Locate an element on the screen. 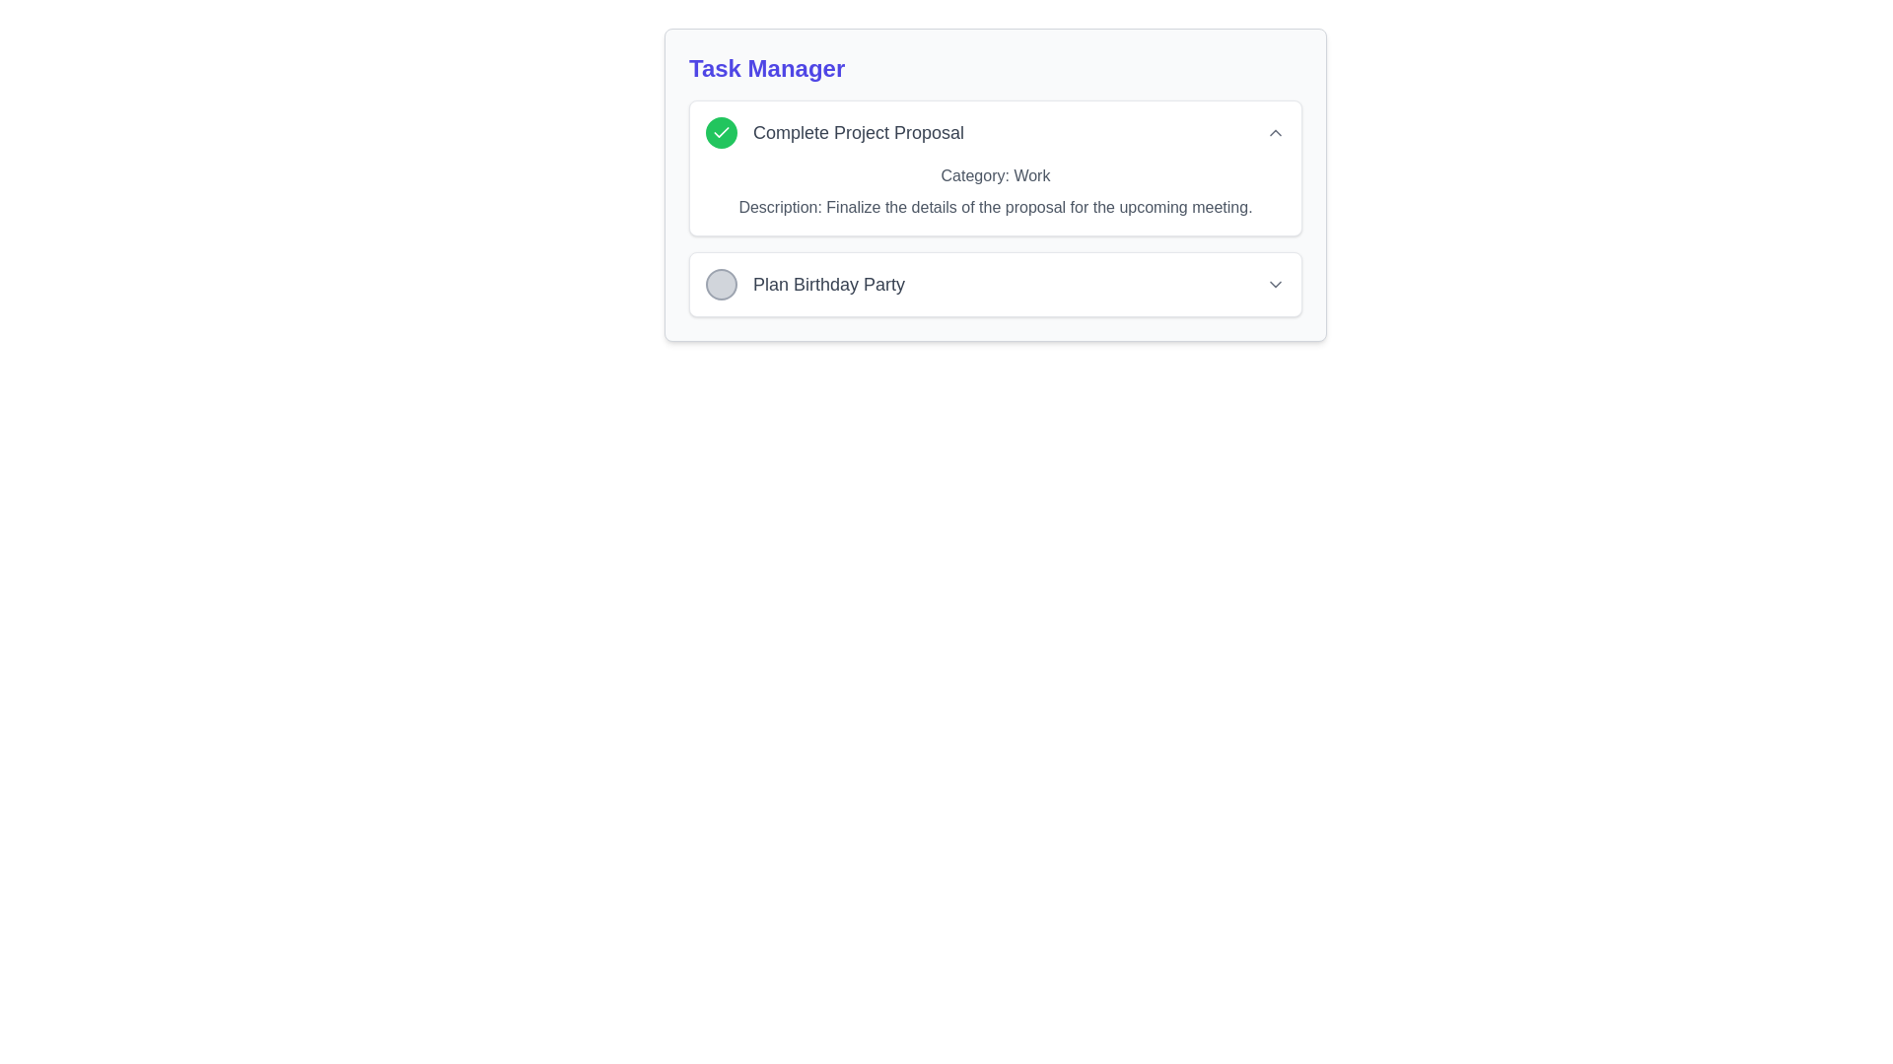 This screenshot has height=1064, width=1893. the Text Label that provides information about the task 'Complete Project Proposal', located below the 'Category: Work' label within the task card is located at coordinates (995, 208).